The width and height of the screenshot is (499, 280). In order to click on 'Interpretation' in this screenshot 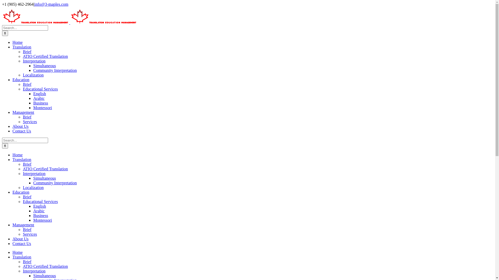, I will do `click(22, 271)`.